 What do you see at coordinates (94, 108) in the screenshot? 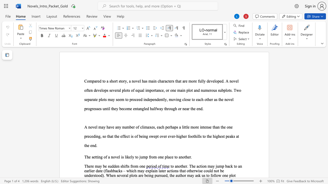
I see `the 9th character "e" in the text` at bounding box center [94, 108].